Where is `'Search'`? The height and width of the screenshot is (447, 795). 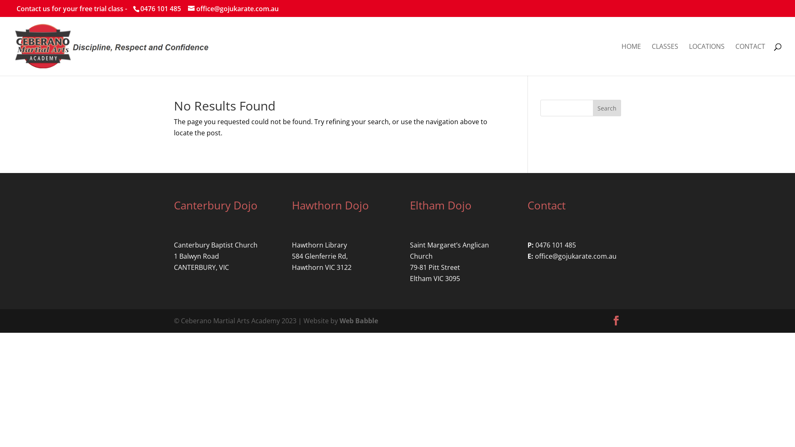 'Search' is located at coordinates (607, 108).